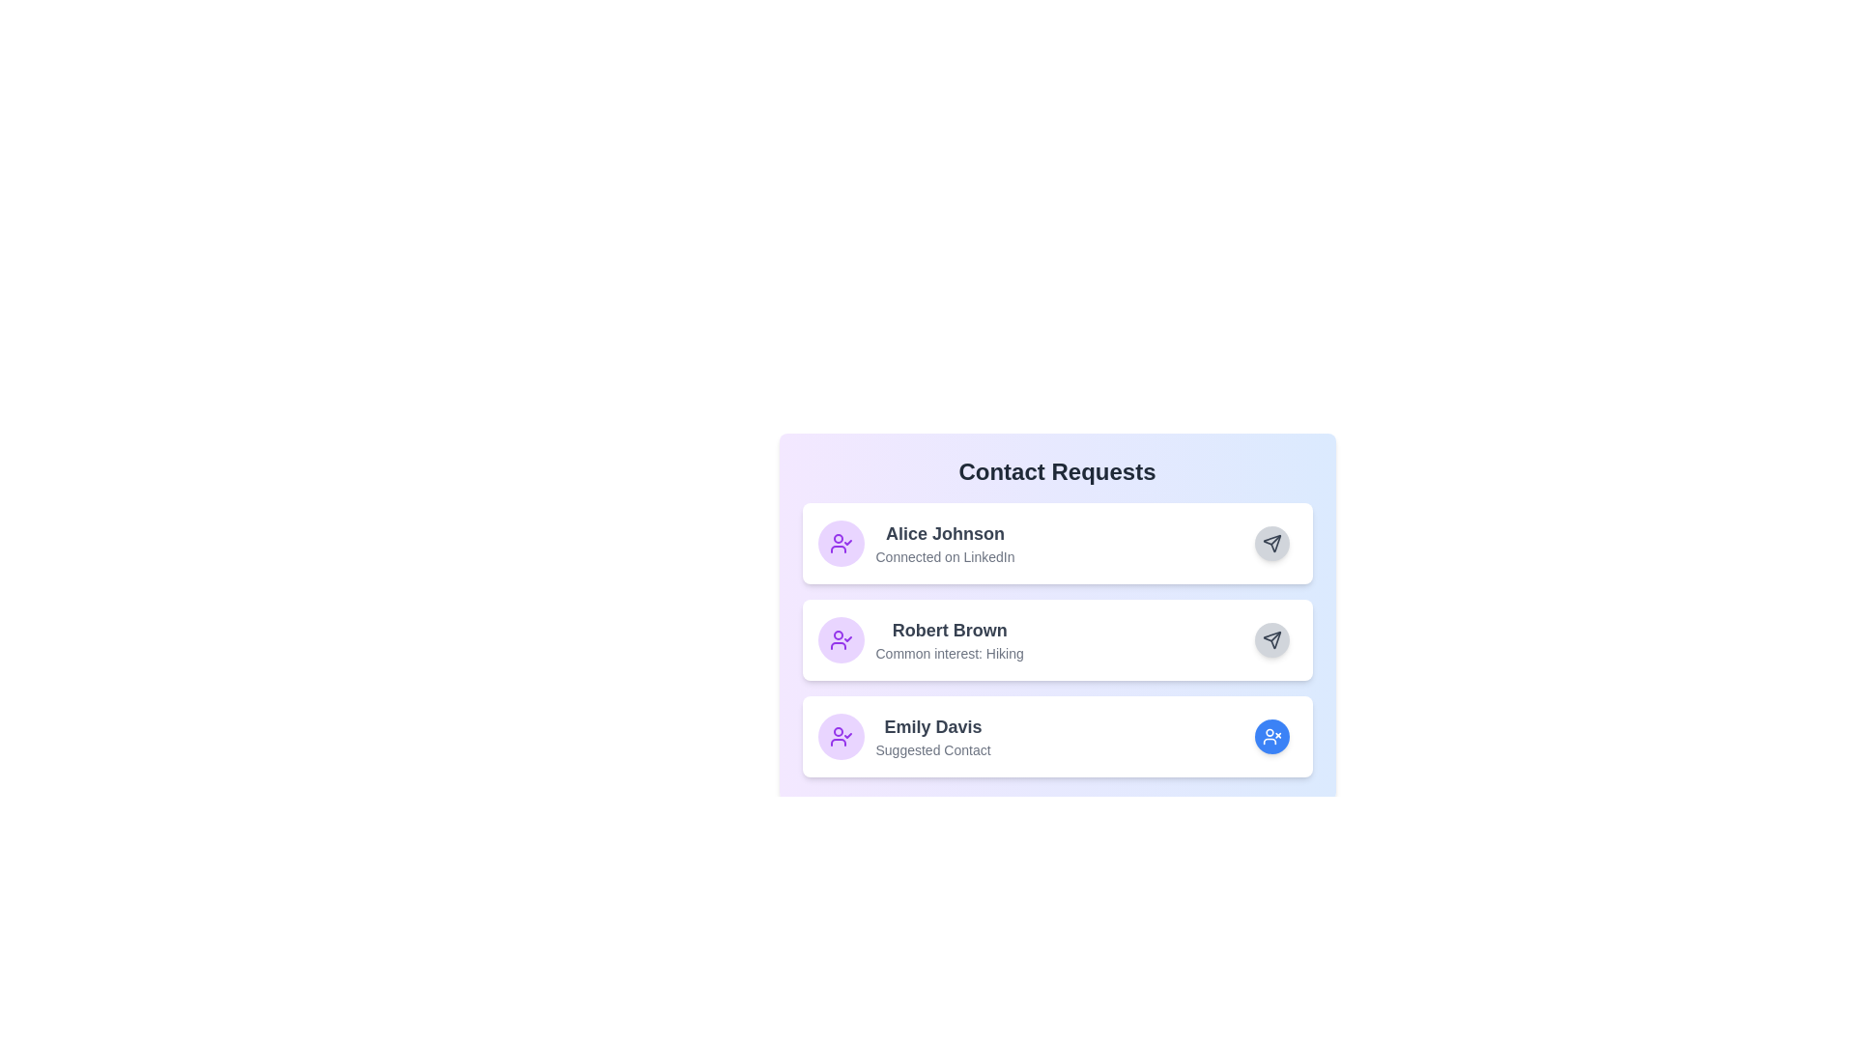 The height and width of the screenshot is (1043, 1855). I want to click on the 'Approve' button for the contact request Alice Johnson, so click(1271, 544).